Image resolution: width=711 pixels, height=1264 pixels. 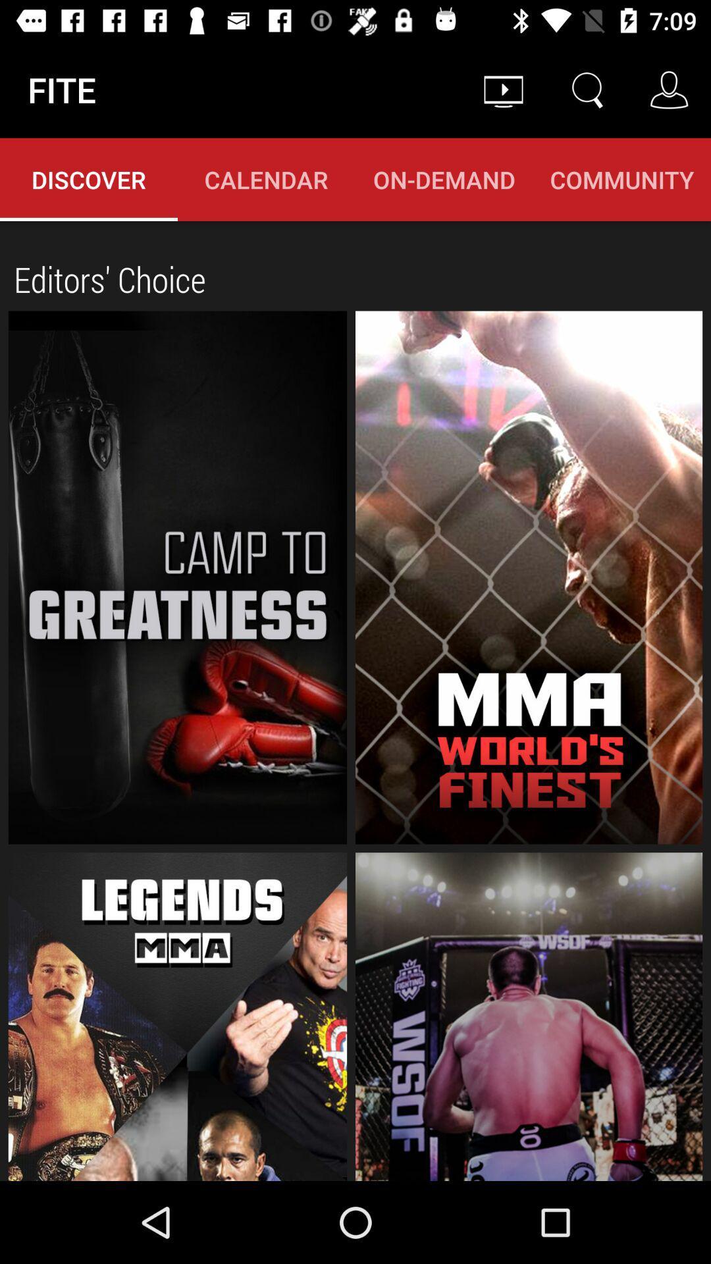 I want to click on button for legends mma, so click(x=178, y=1016).